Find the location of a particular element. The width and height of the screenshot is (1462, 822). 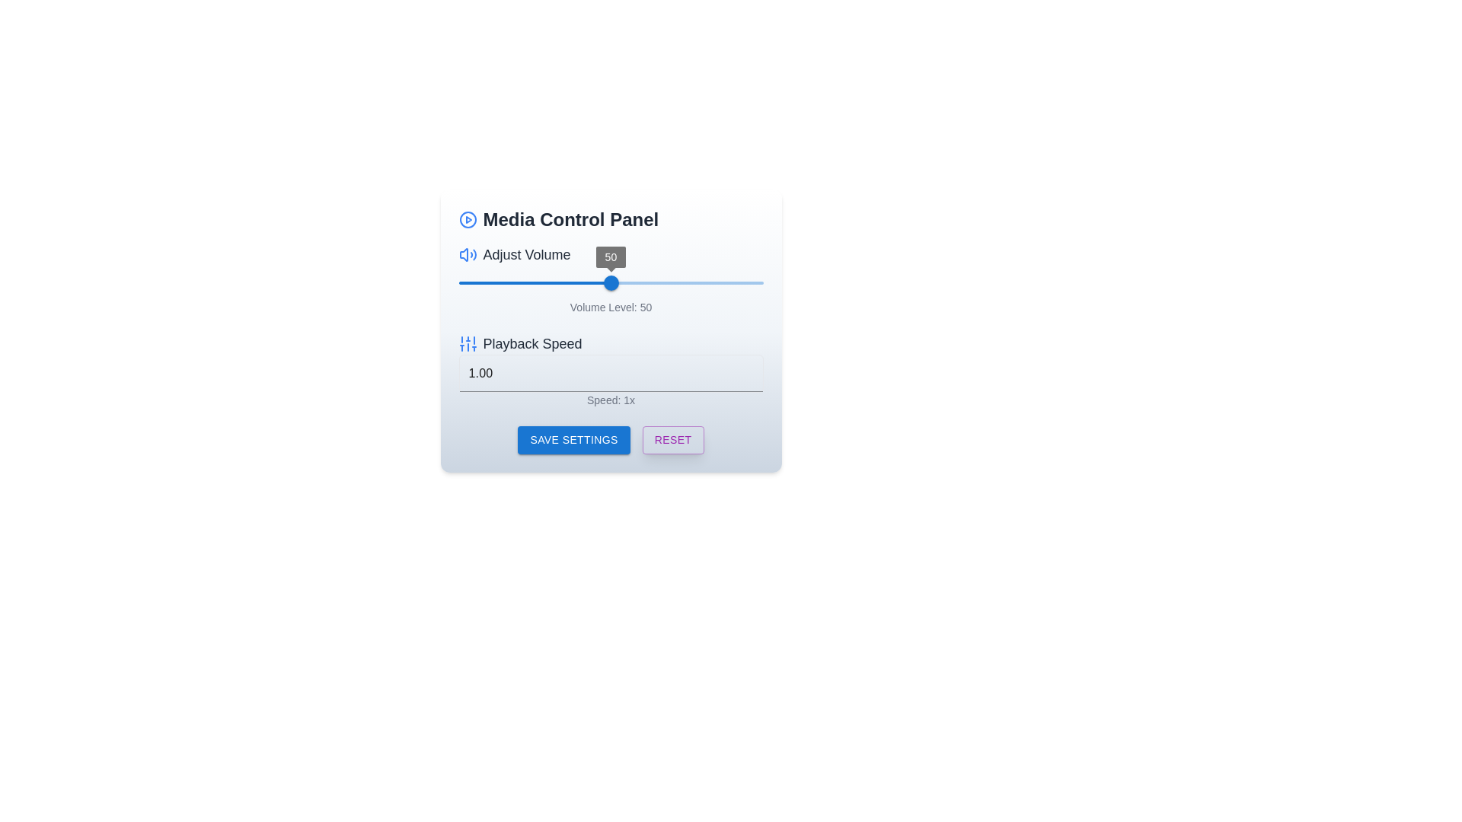

the static text label reading 'Speed: 1x', which is styled in gray font and positioned below the input field in the playback speed section is located at coordinates (611, 399).